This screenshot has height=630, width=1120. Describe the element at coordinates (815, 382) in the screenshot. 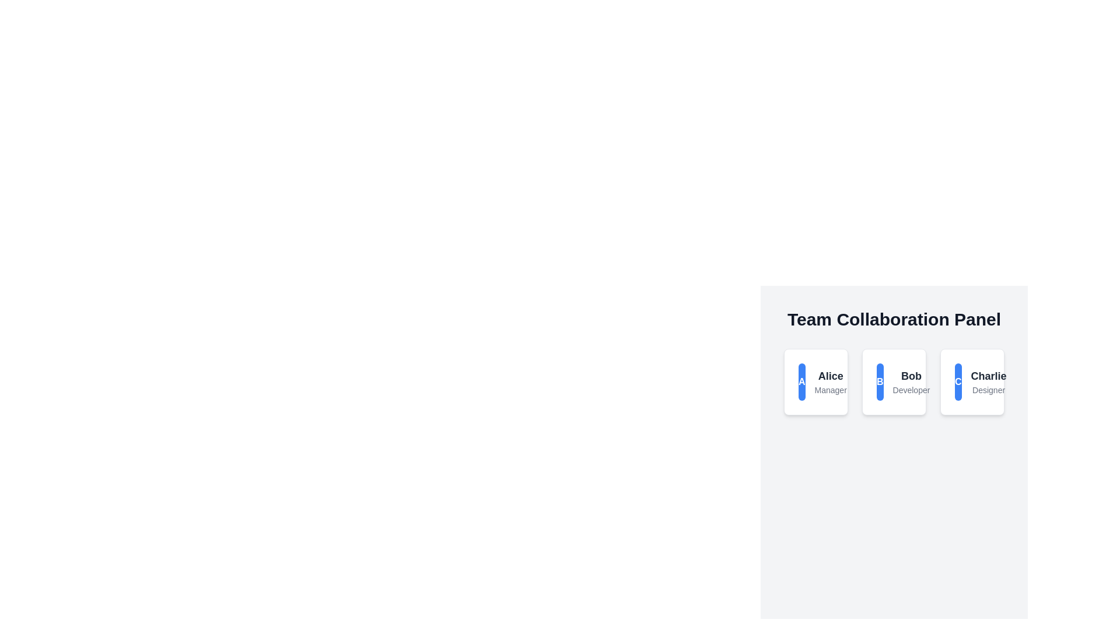

I see `the Profile Card element featuring an avatar icon with the letter 'A', the name 'Alice' in bold, and the title 'Manager'` at that location.